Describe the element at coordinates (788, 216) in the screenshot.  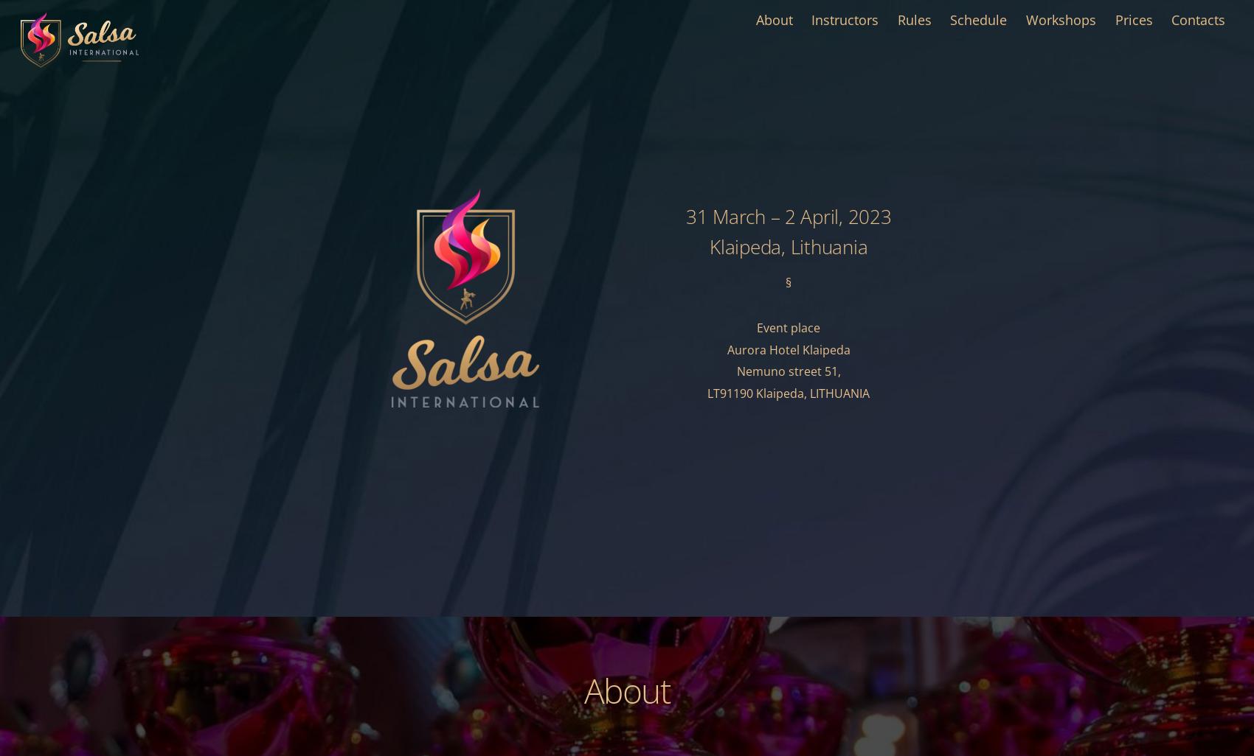
I see `'31 March – 2 April, 2023'` at that location.